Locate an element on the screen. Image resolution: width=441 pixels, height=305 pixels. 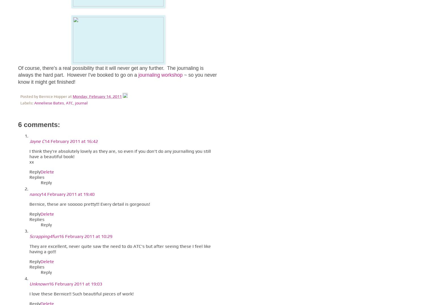
'Of course, there's a real possibility that it will never get any further.  The journaling is always the hard part.  However I've booked to go on a' is located at coordinates (110, 71).